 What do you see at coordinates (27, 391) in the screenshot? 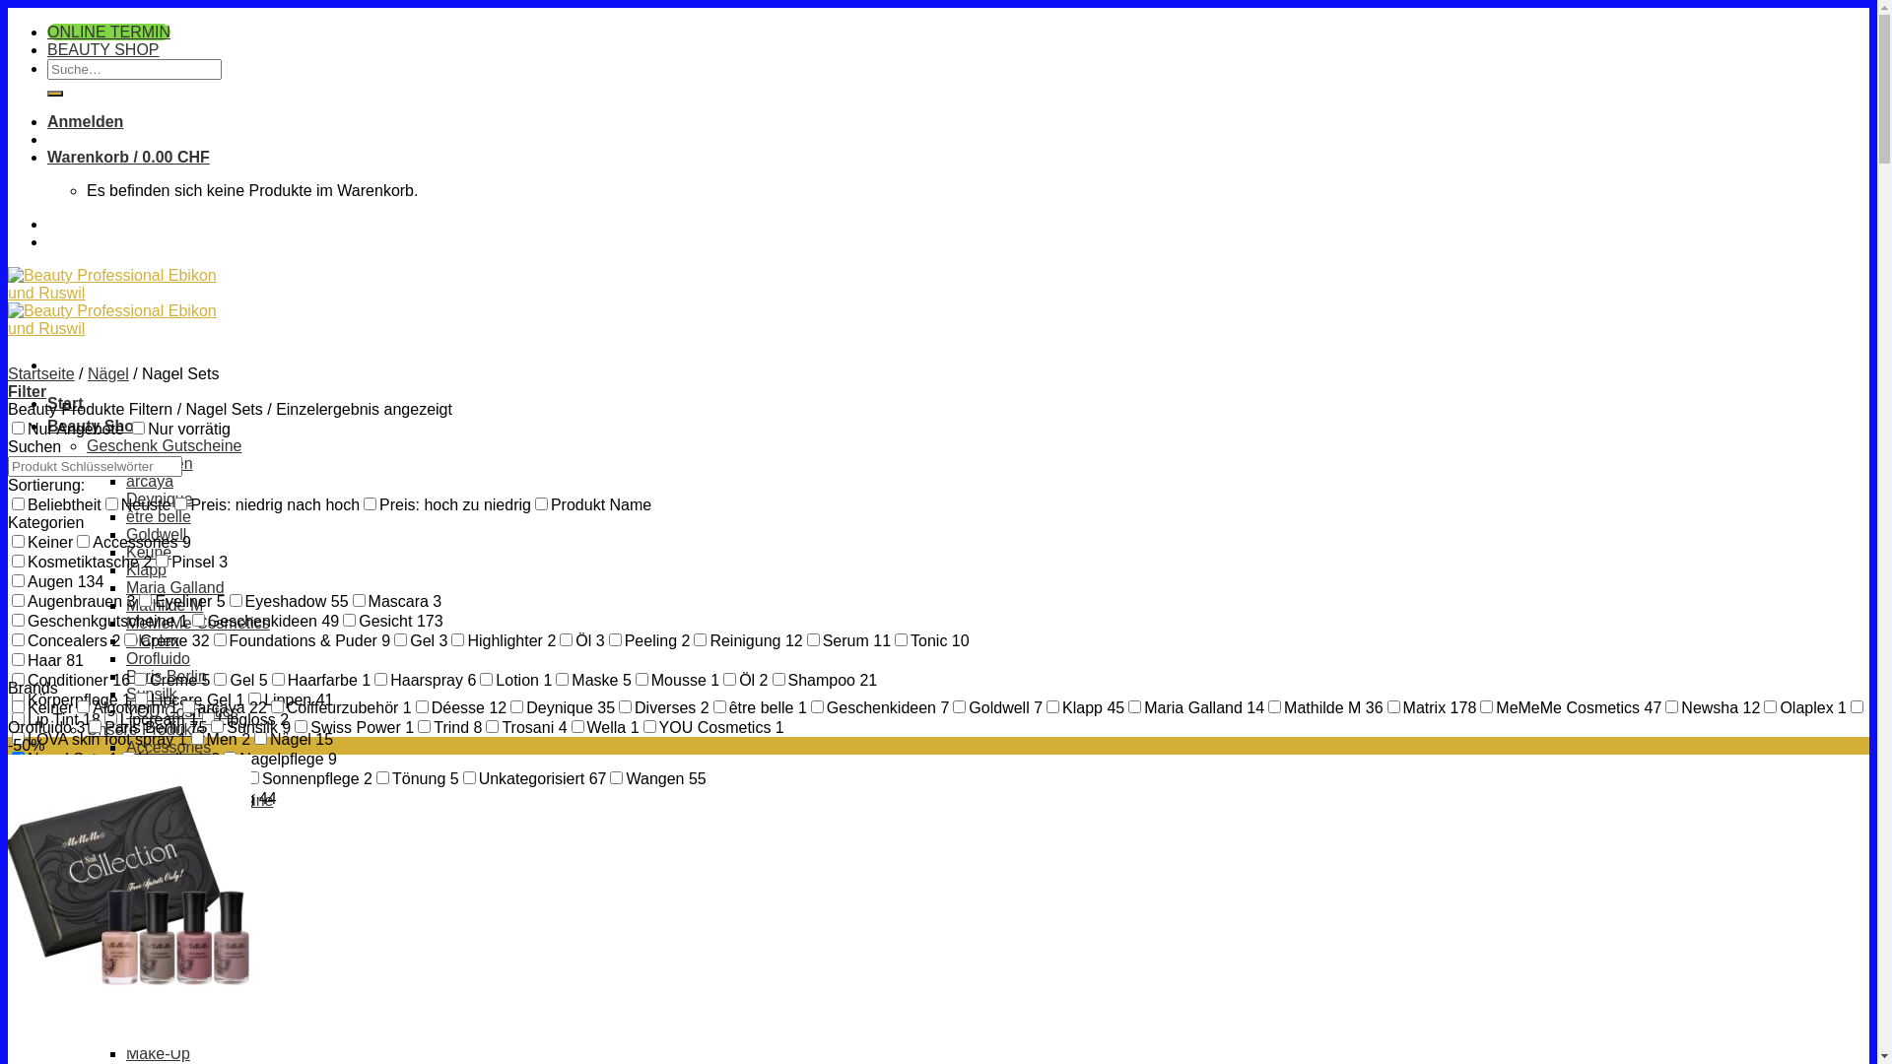
I see `'Filter'` at bounding box center [27, 391].